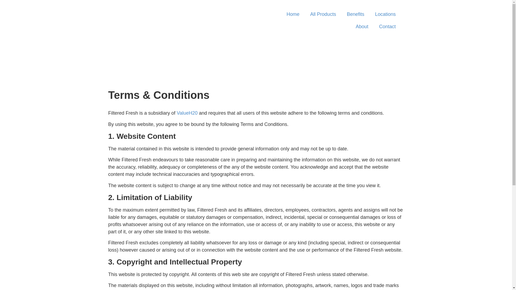 The width and height of the screenshot is (516, 290). What do you see at coordinates (362, 27) in the screenshot?
I see `'About'` at bounding box center [362, 27].